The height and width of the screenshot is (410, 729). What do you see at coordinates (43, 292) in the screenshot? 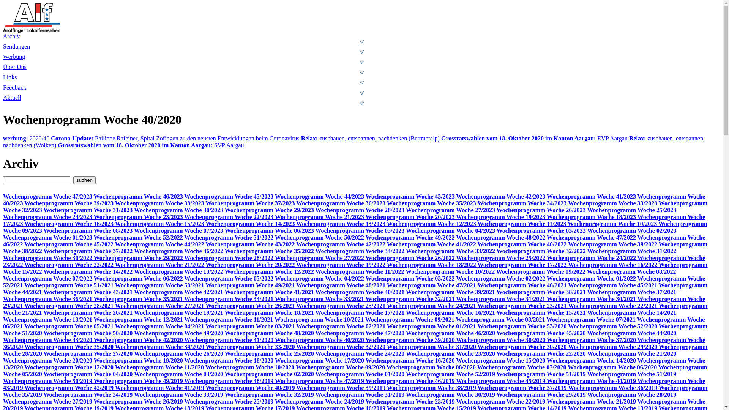
I see `'Wochenprogramm Woche 43/2021'` at bounding box center [43, 292].